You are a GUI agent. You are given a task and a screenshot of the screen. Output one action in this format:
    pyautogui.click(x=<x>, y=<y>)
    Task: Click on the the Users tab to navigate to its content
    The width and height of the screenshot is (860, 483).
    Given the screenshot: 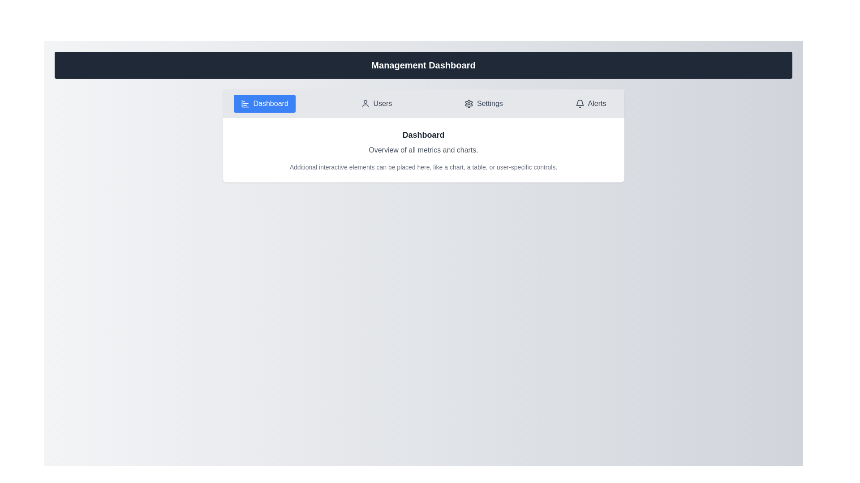 What is the action you would take?
    pyautogui.click(x=376, y=103)
    